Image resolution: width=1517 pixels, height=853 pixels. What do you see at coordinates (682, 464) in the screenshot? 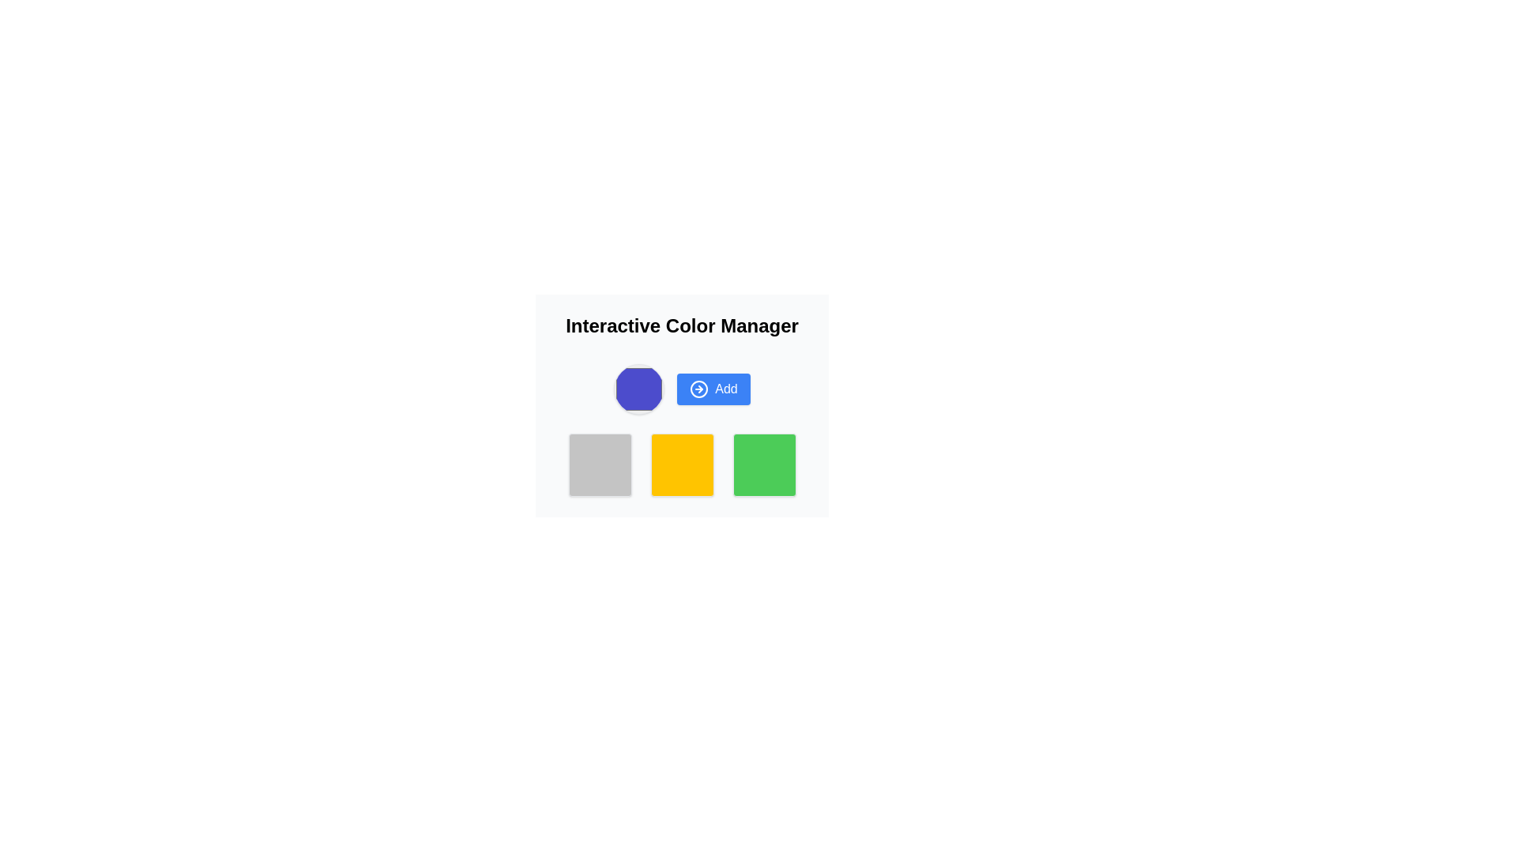
I see `the Grid or color option panel element, which is a rectangular area with three colored sections (gray, yellow, and green), with the yellow section being highlighted and located beneath 'Interactive Color Manager'` at bounding box center [682, 464].